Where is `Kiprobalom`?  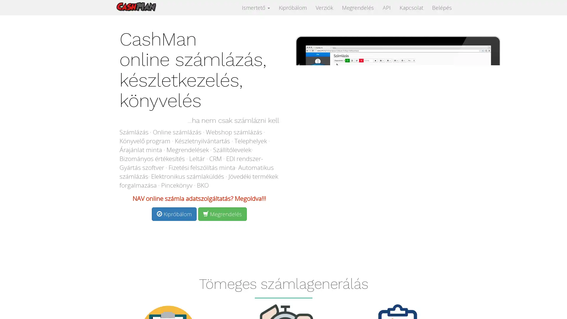
Kiprobalom is located at coordinates (174, 214).